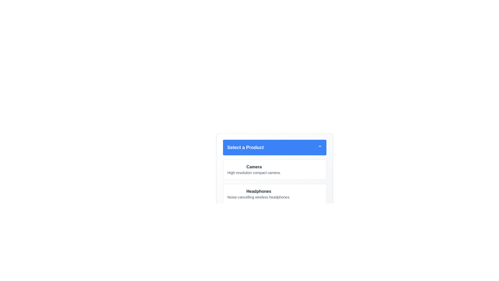 Image resolution: width=499 pixels, height=281 pixels. Describe the element at coordinates (245, 148) in the screenshot. I see `'Select a Product' text label, which is prominently styled in bold white text on a blue background within an interactive dropdown menu` at that location.